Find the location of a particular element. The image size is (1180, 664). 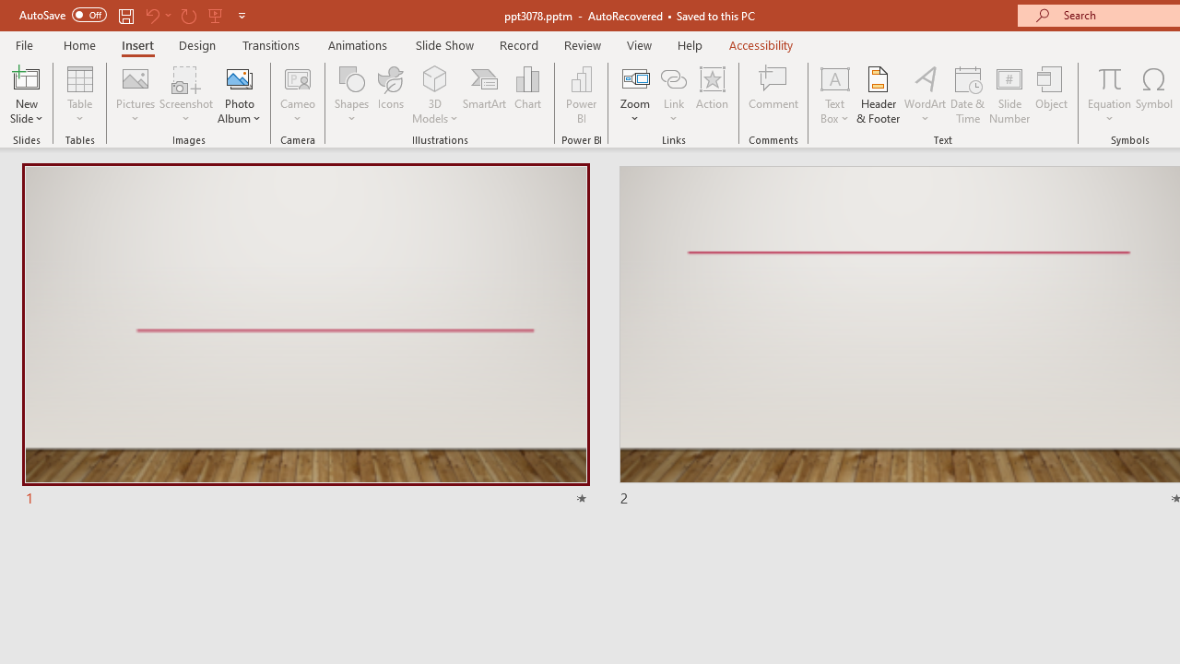

'Power BI' is located at coordinates (581, 95).